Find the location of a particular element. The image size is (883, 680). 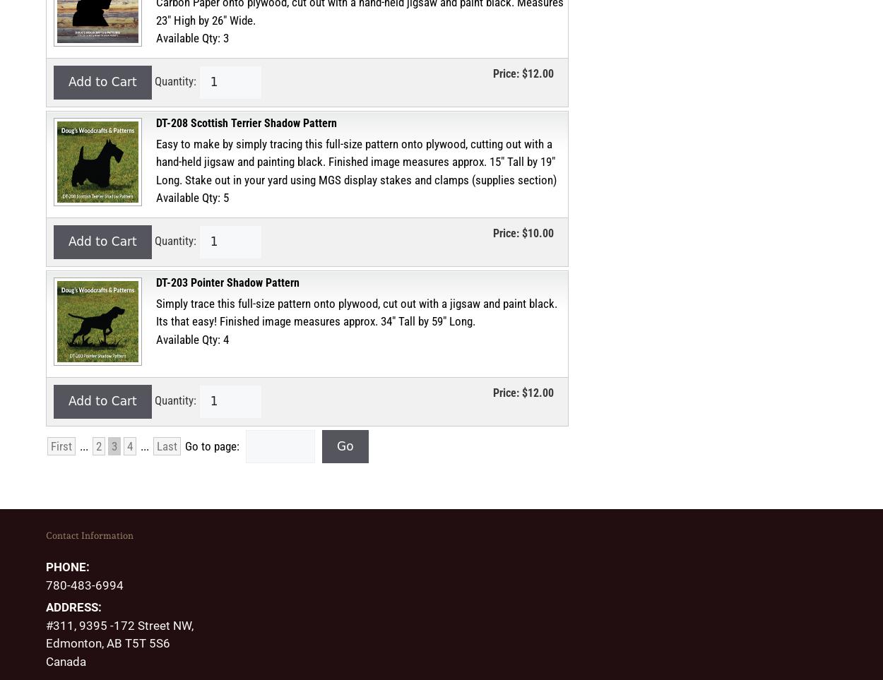

'Available Qty: 3' is located at coordinates (192, 38).